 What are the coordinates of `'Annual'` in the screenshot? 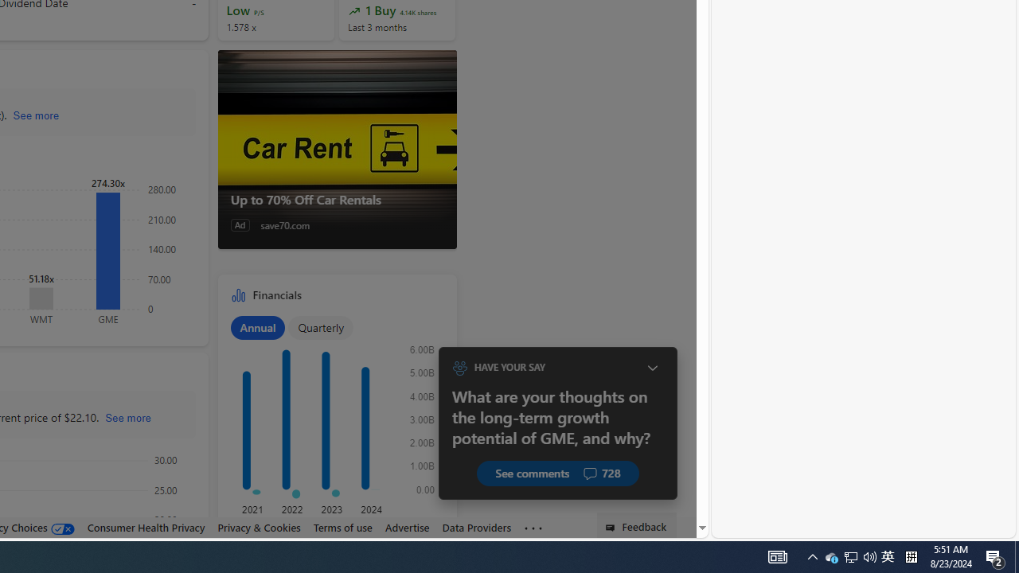 It's located at (257, 326).